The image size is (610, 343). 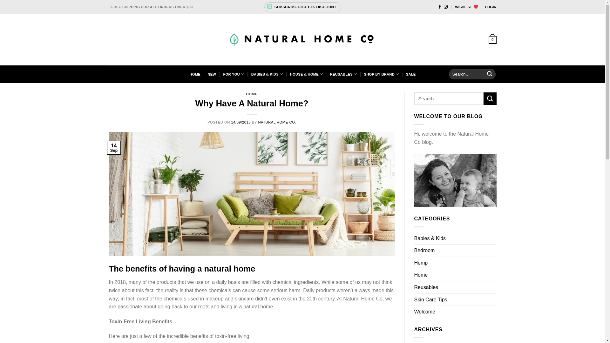 What do you see at coordinates (485, 7) in the screenshot?
I see `'LOGIN'` at bounding box center [485, 7].